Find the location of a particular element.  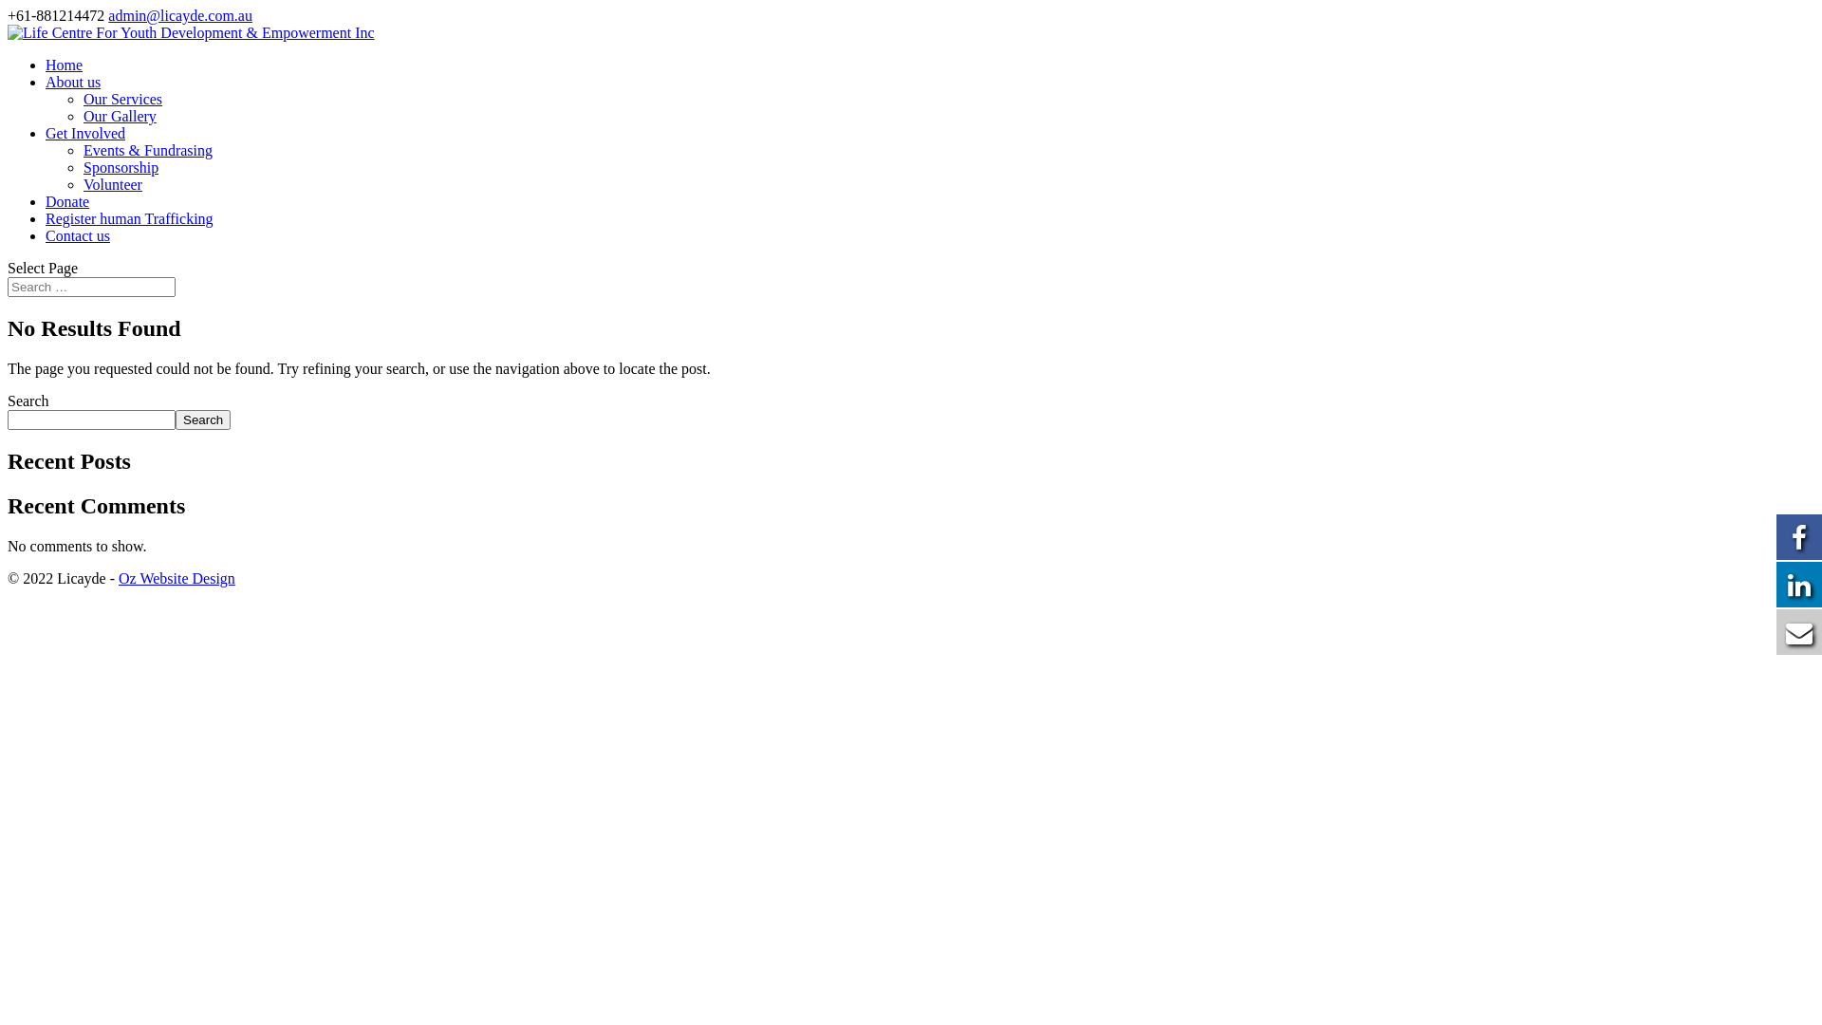

'Home' is located at coordinates (64, 64).